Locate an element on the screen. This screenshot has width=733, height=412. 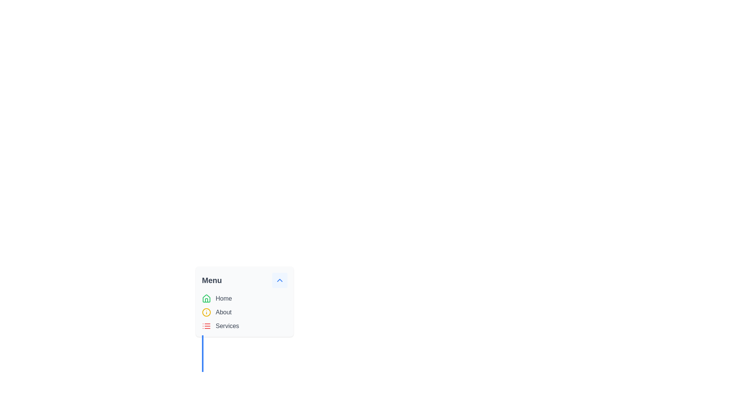
the circular information icon with a yellow stroke and white fill, located to the left of the 'About' text label in the menu component is located at coordinates (207, 312).